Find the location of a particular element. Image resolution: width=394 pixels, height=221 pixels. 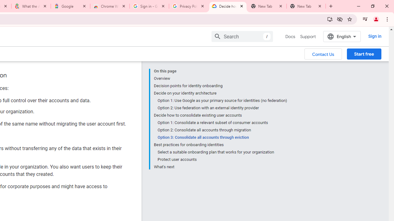

'Support' is located at coordinates (308, 37).